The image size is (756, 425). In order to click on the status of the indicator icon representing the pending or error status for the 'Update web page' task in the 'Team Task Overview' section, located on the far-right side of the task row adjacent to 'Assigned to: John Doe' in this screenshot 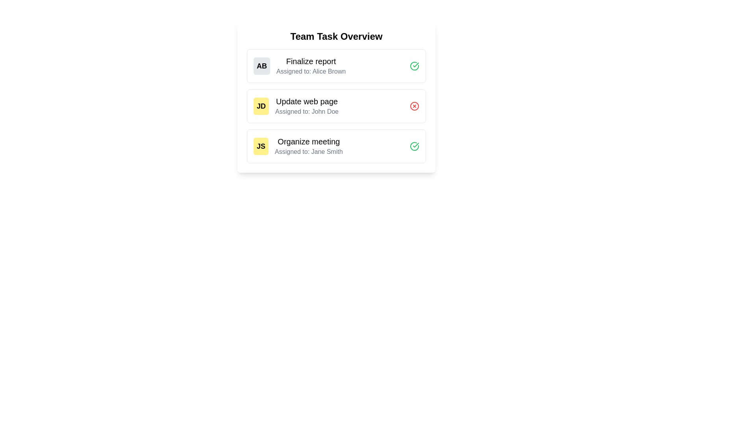, I will do `click(414, 106)`.